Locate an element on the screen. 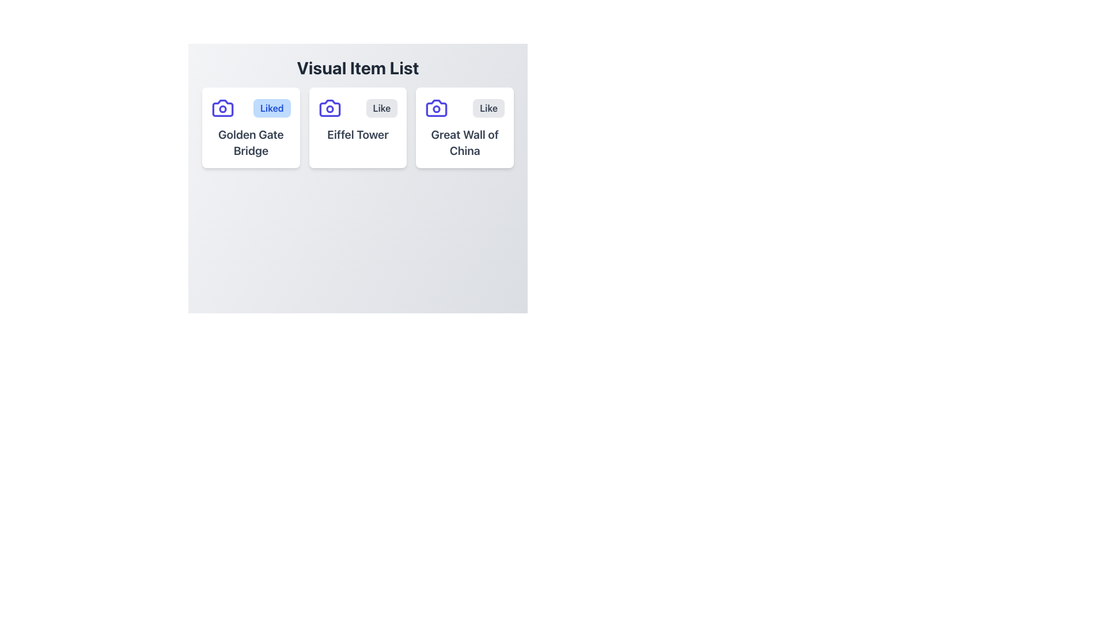 This screenshot has width=1106, height=622. the camera icon with an indigo-blue stroke located in the top left section of the 'Great Wall of China' card is located at coordinates (436, 108).